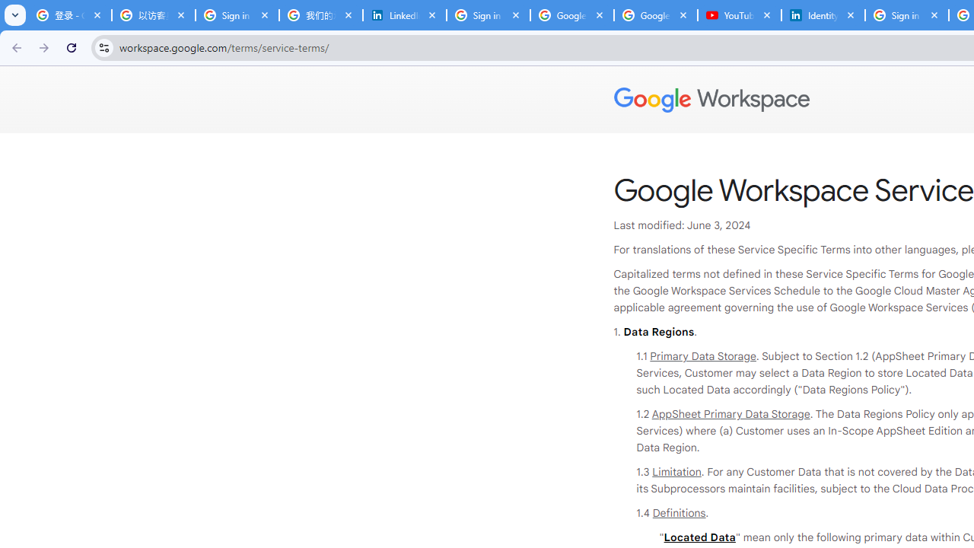  I want to click on 'YouTube', so click(739, 15).